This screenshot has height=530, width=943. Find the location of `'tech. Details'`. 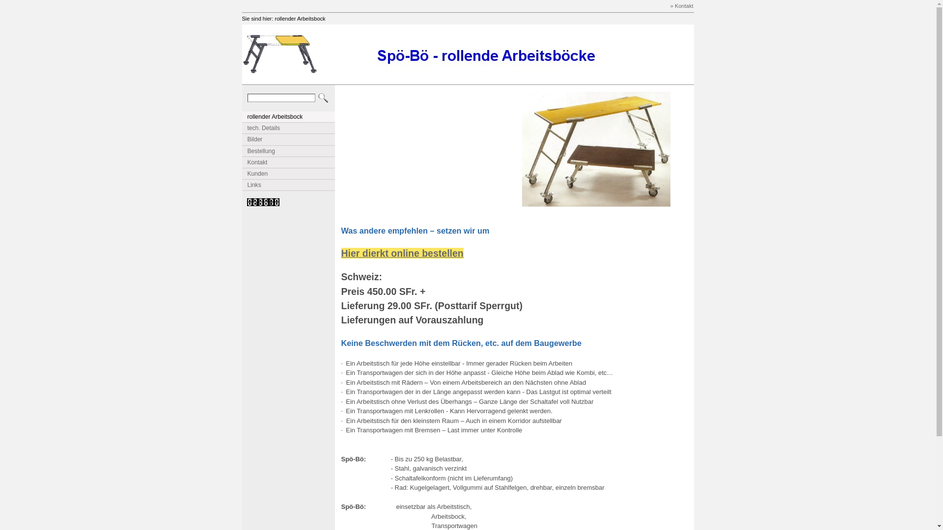

'tech. Details' is located at coordinates (243, 128).